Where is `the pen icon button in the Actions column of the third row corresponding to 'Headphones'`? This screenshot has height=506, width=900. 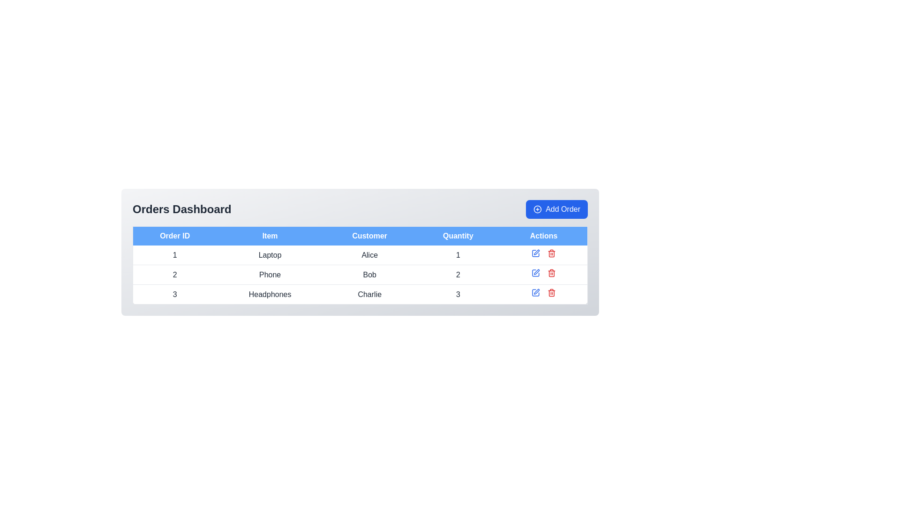 the pen icon button in the Actions column of the third row corresponding to 'Headphones' is located at coordinates (537, 291).